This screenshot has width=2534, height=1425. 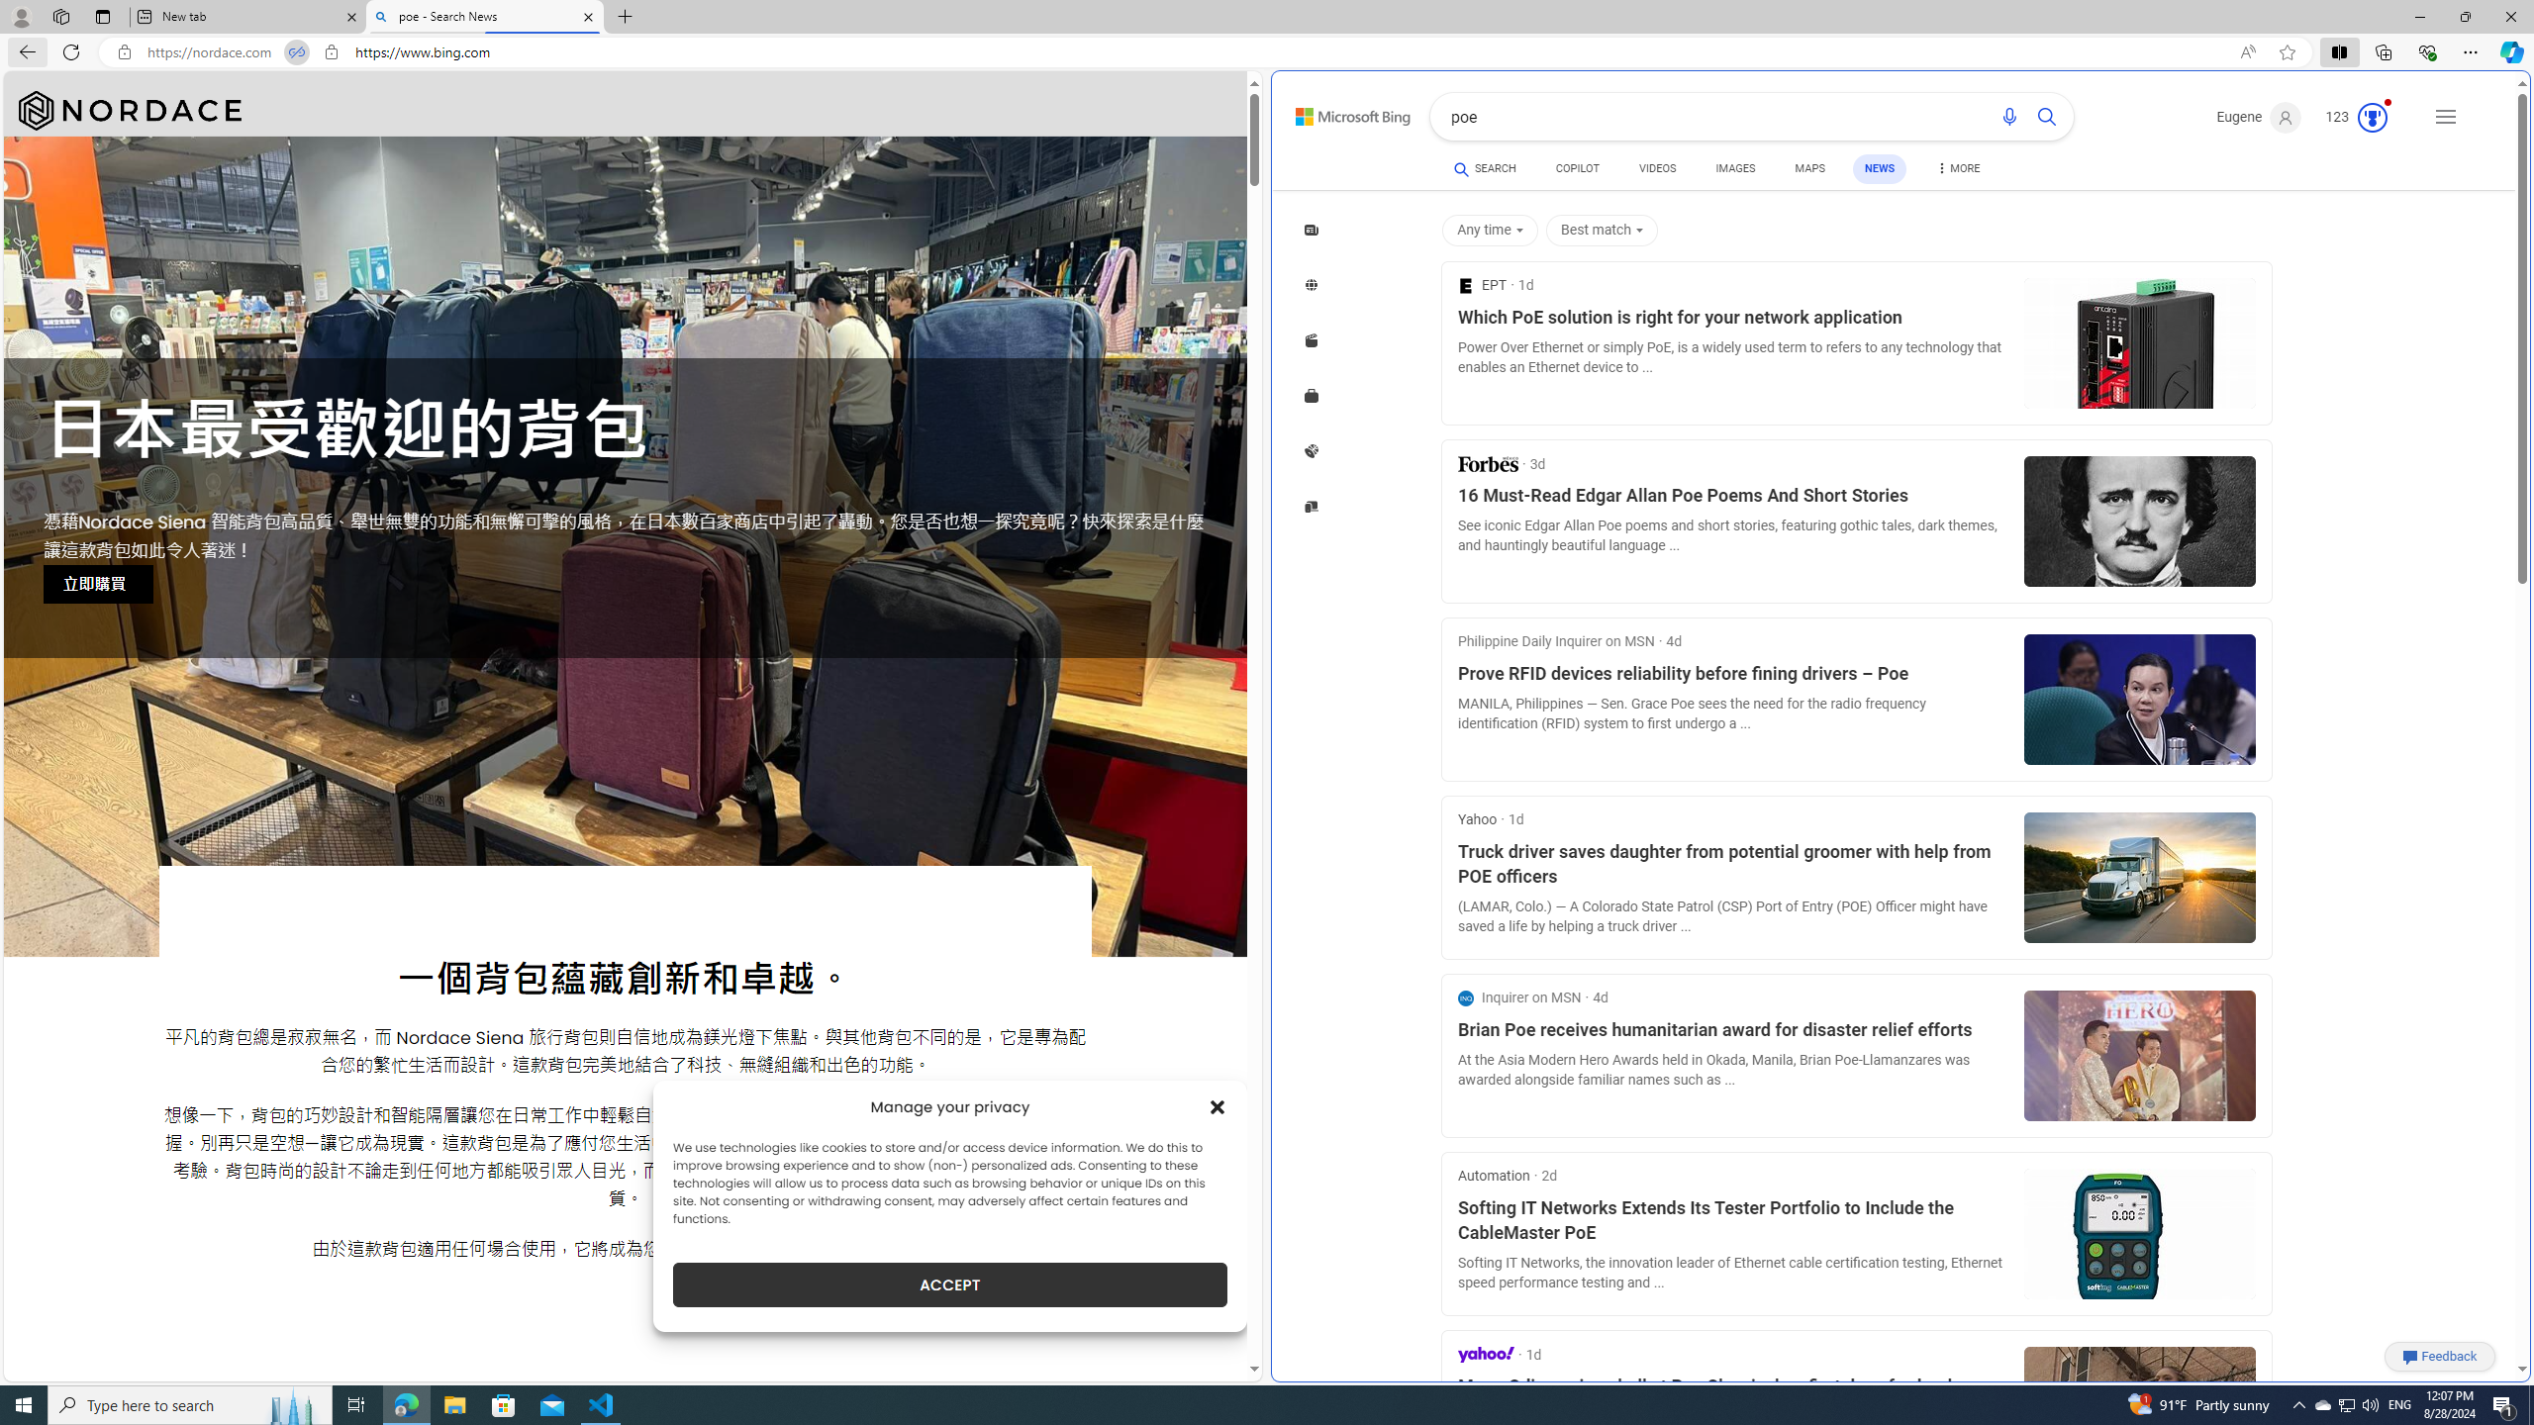 I want to click on 'Eugene', so click(x=2259, y=117).